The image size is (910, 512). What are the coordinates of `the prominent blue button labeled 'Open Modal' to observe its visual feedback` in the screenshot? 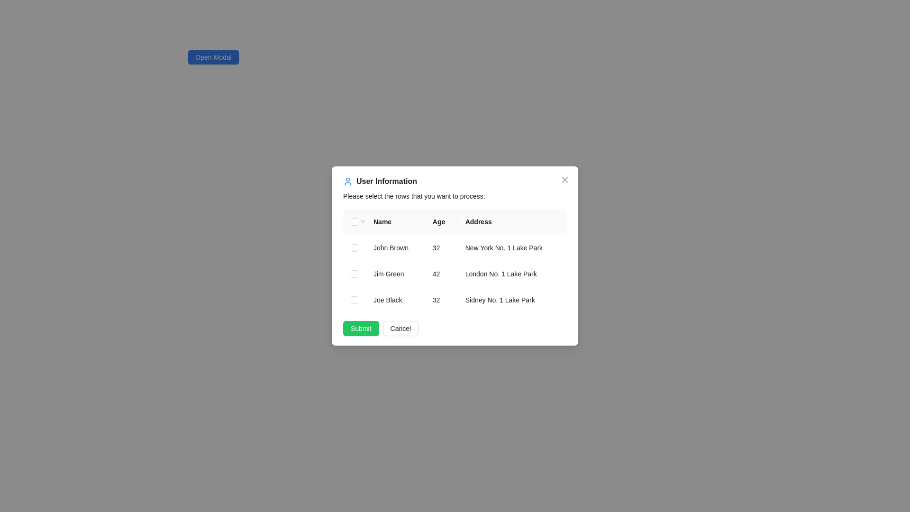 It's located at (213, 57).